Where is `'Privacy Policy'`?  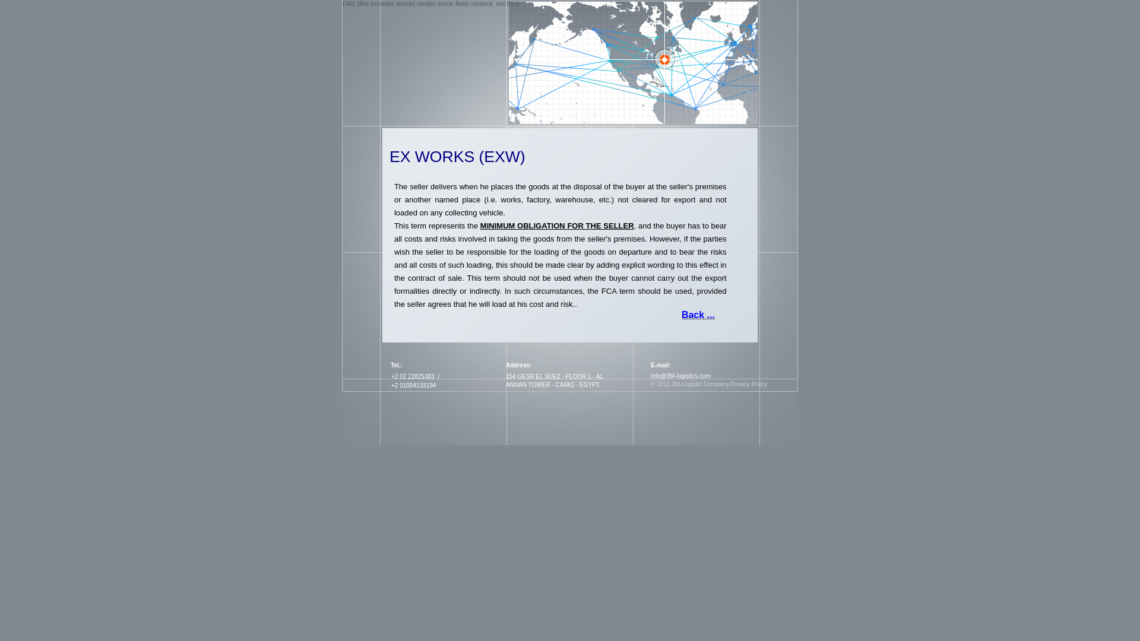 'Privacy Policy' is located at coordinates (748, 384).